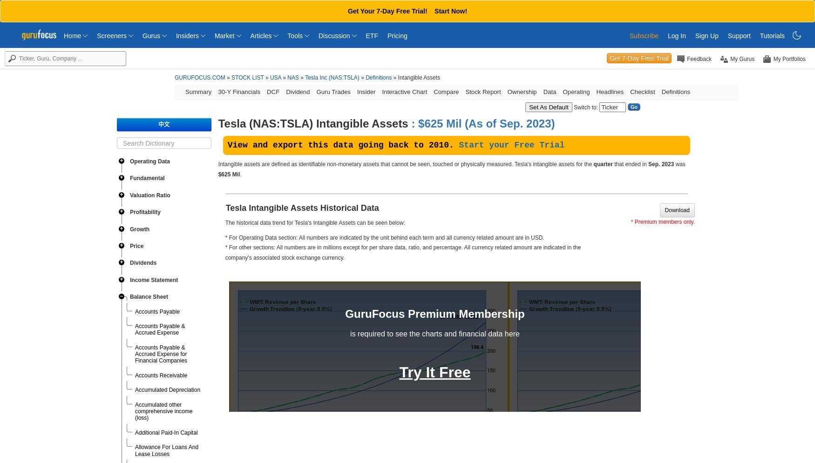 The height and width of the screenshot is (463, 815). I want to click on 'The historical data trend for Tesla's Intangible Assets can be seen below:', so click(314, 222).